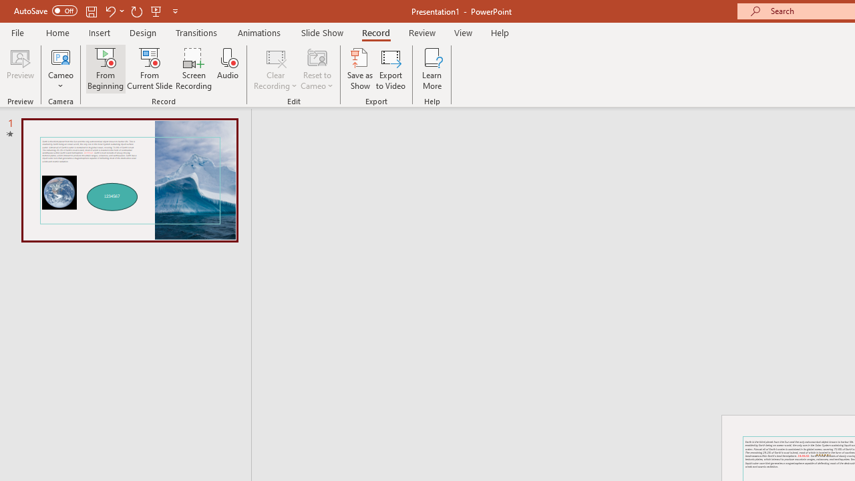 The height and width of the screenshot is (481, 855). What do you see at coordinates (432, 69) in the screenshot?
I see `'Learn More'` at bounding box center [432, 69].